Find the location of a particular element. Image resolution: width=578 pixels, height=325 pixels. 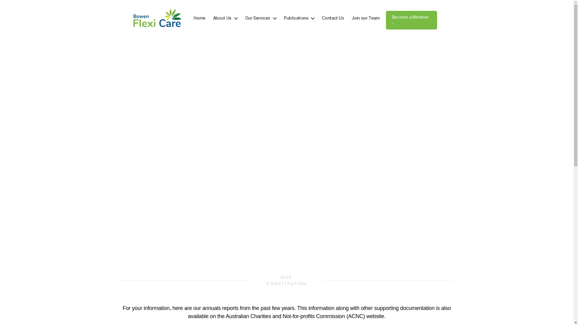

'Contact Us' is located at coordinates (332, 18).